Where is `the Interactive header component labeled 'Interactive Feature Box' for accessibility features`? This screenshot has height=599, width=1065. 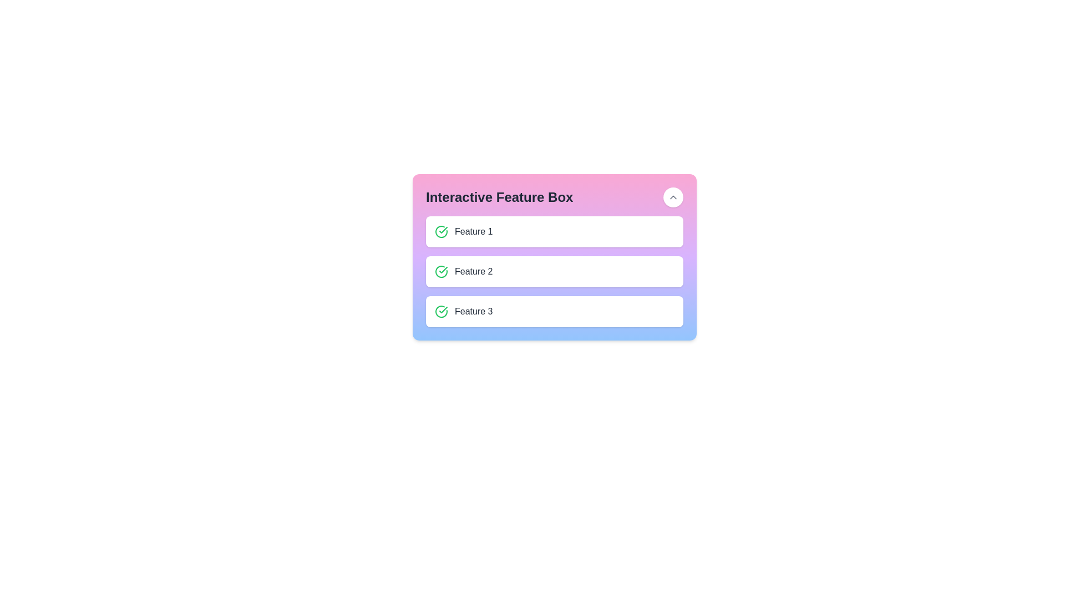 the Interactive header component labeled 'Interactive Feature Box' for accessibility features is located at coordinates (554, 196).